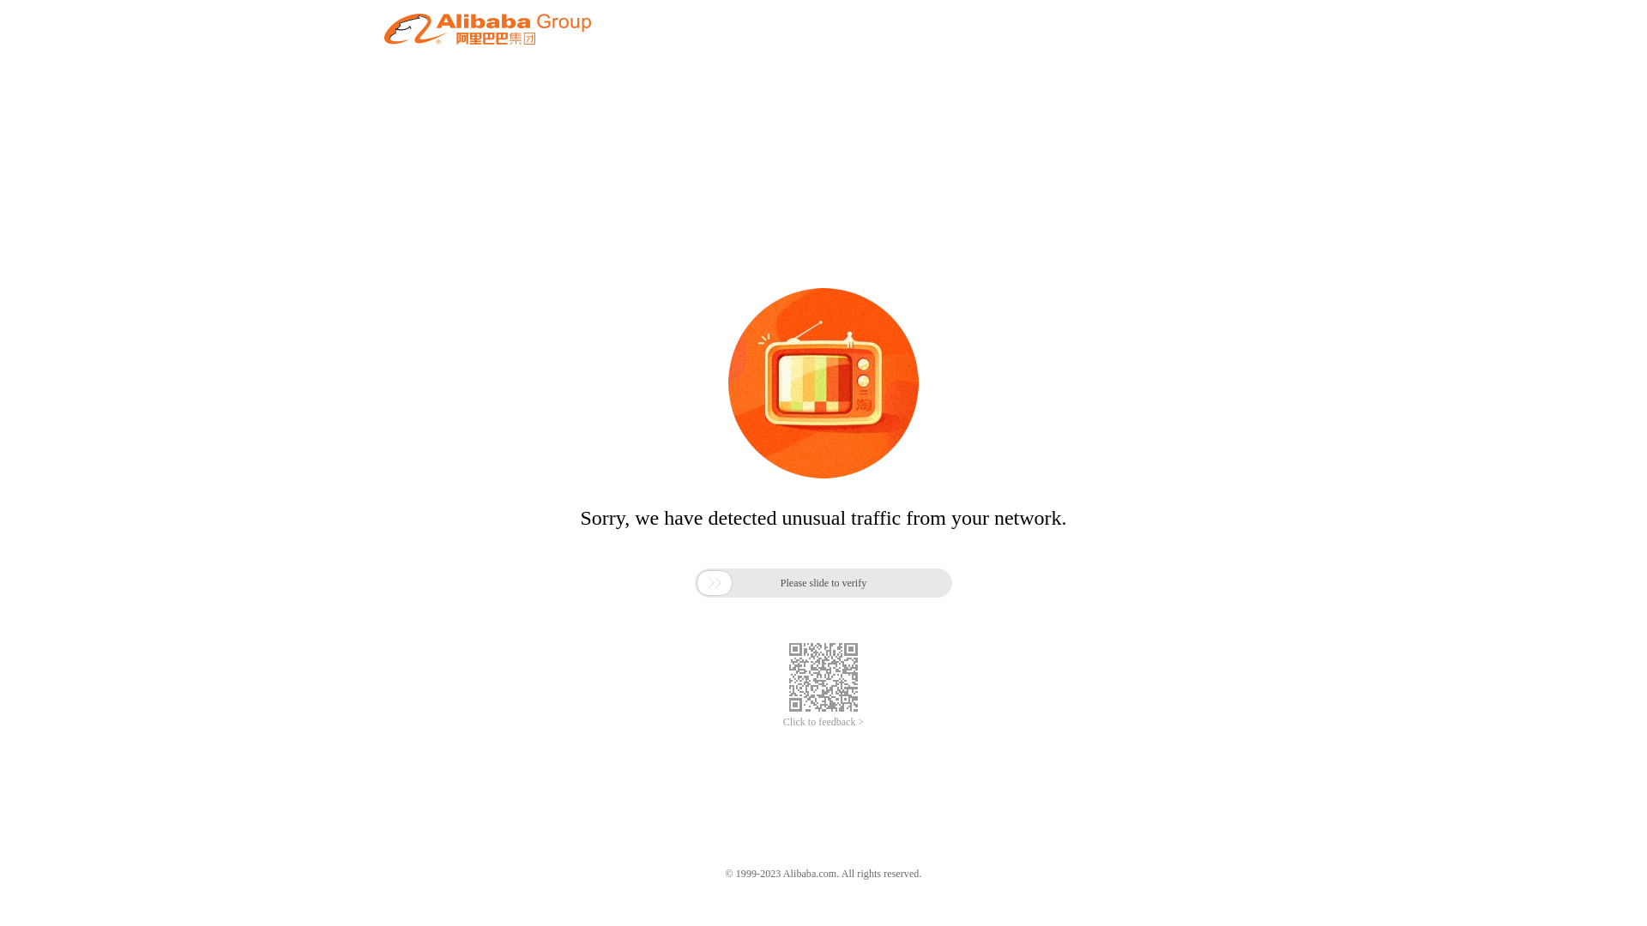 The width and height of the screenshot is (1647, 926). What do you see at coordinates (823, 722) in the screenshot?
I see `'Click to feedback >'` at bounding box center [823, 722].